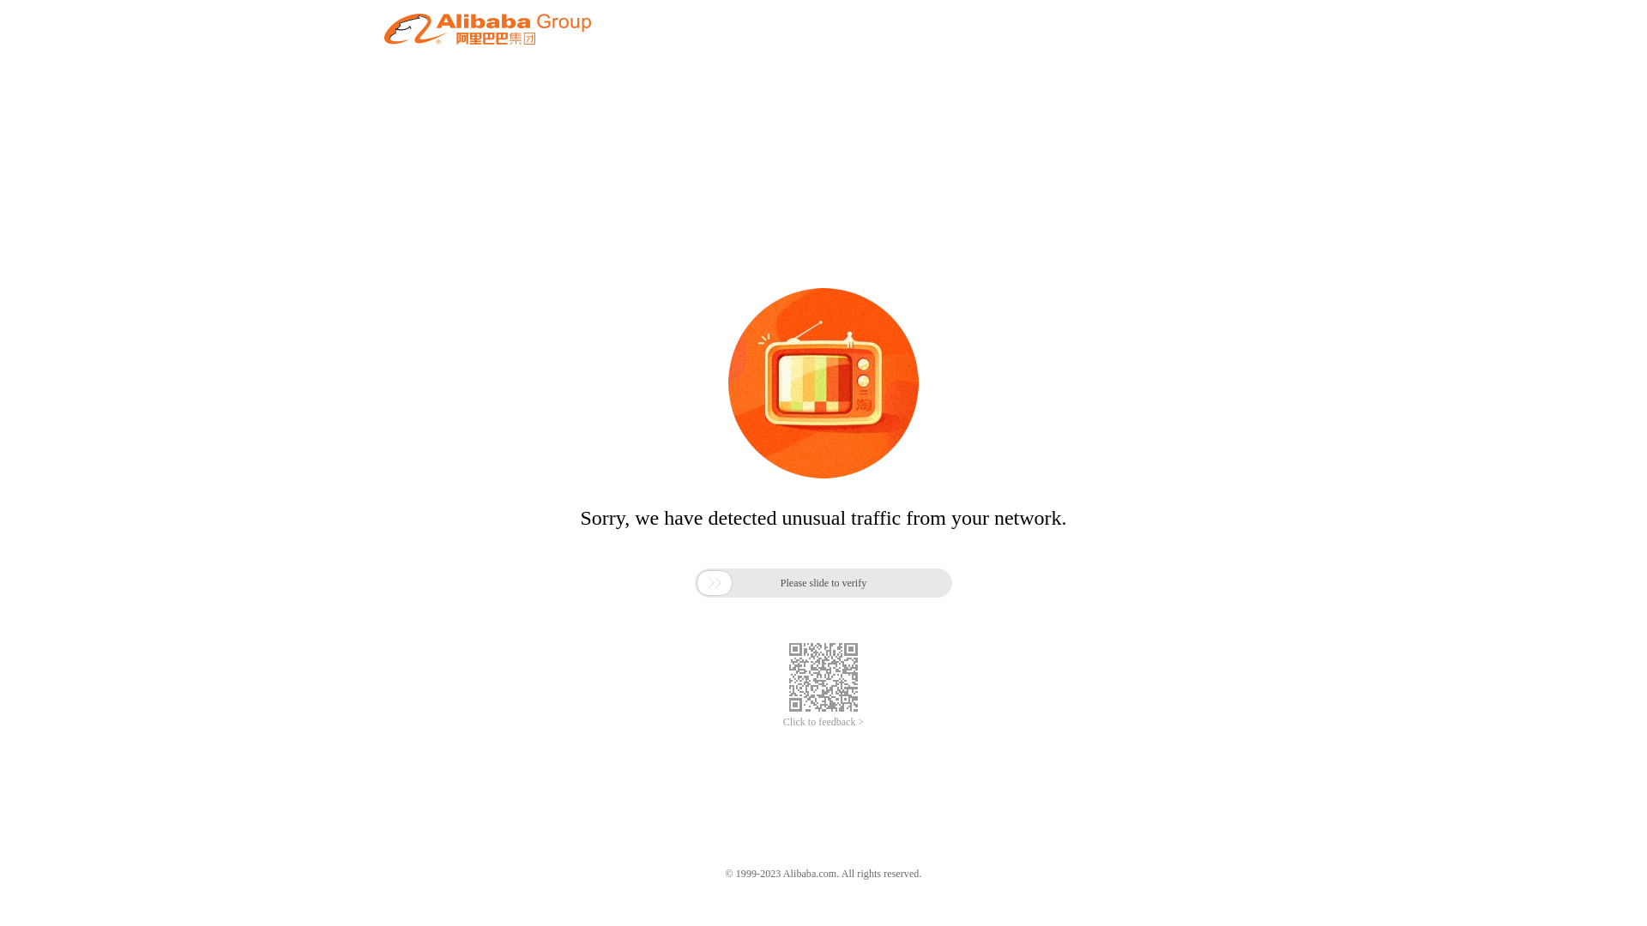 The width and height of the screenshot is (1647, 926). What do you see at coordinates (823, 722) in the screenshot?
I see `'Click to feedback >'` at bounding box center [823, 722].